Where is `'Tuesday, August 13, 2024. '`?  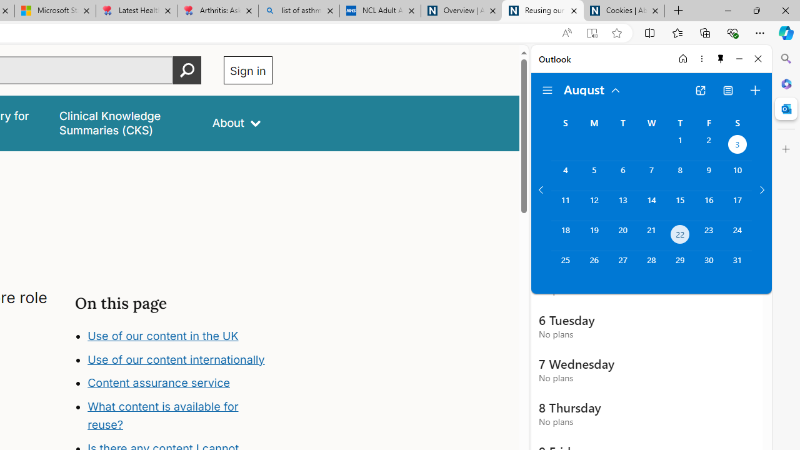 'Tuesday, August 13, 2024. ' is located at coordinates (622, 205).